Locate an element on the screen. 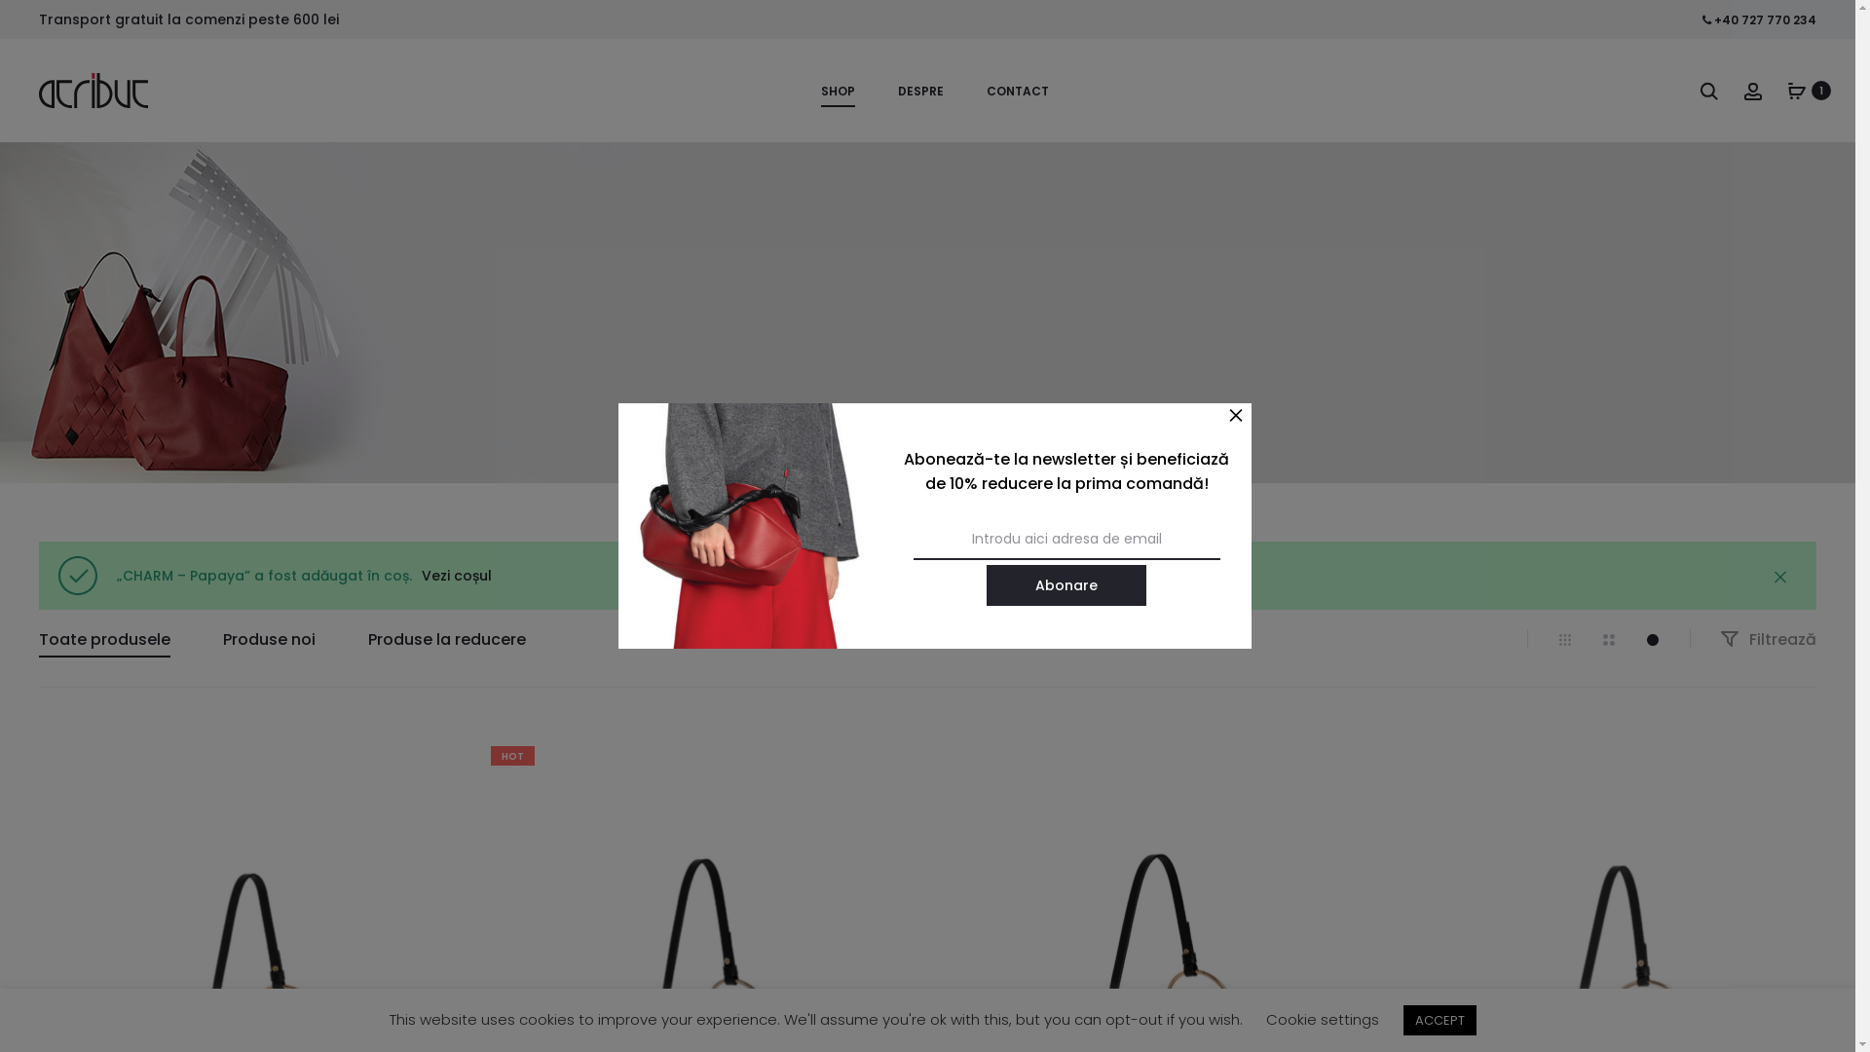  'DESPRE' is located at coordinates (912, 91).